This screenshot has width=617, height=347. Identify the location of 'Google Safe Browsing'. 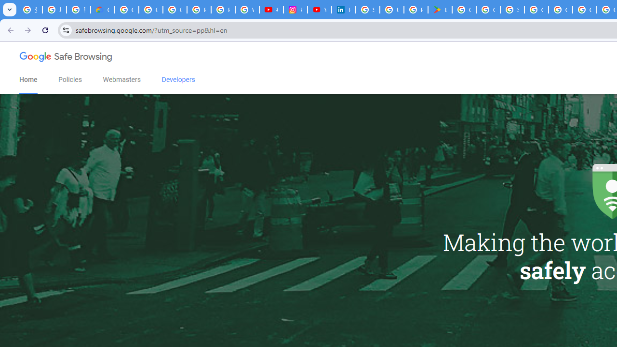
(66, 58).